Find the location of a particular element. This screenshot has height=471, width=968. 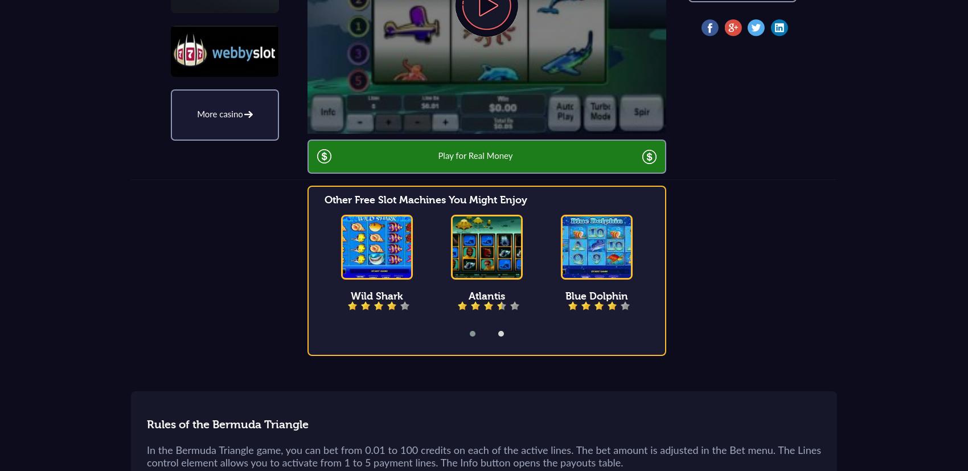

'Under The Sea' is located at coordinates (706, 296).